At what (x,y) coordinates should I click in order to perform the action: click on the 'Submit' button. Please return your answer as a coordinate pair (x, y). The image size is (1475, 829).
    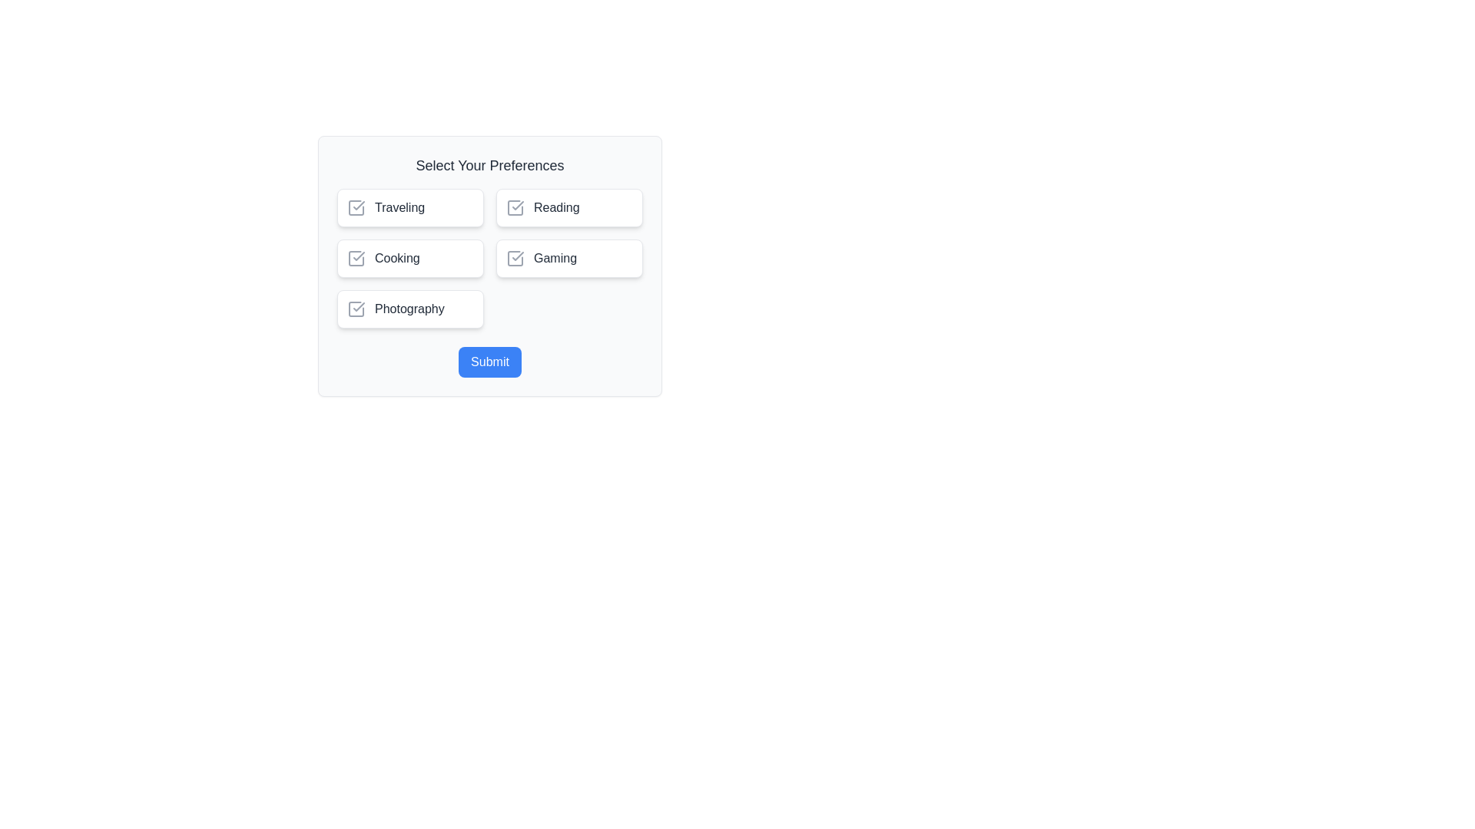
    Looking at the image, I should click on (489, 362).